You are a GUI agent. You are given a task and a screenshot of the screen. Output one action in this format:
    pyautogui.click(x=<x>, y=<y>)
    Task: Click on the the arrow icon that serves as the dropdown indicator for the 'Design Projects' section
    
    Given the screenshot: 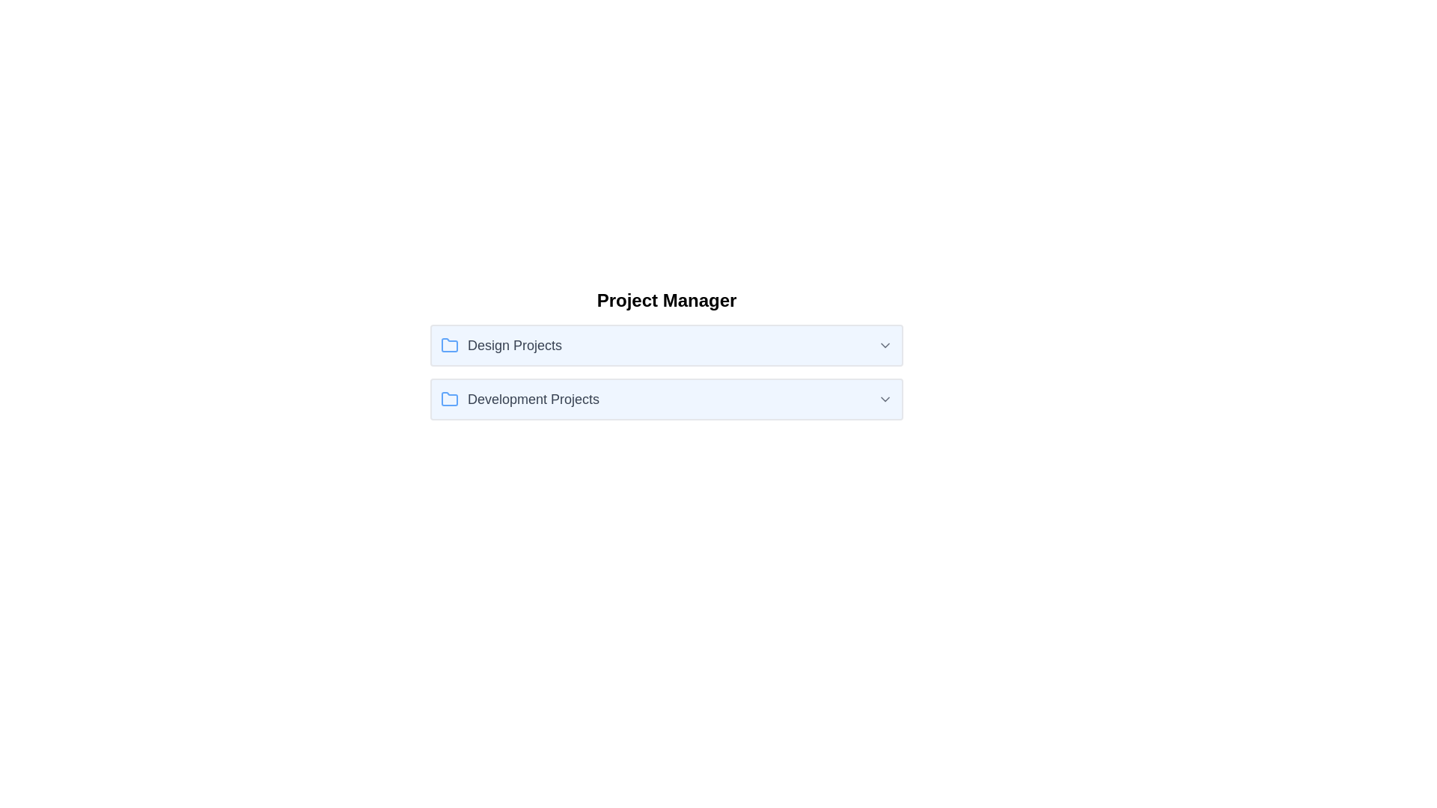 What is the action you would take?
    pyautogui.click(x=885, y=346)
    